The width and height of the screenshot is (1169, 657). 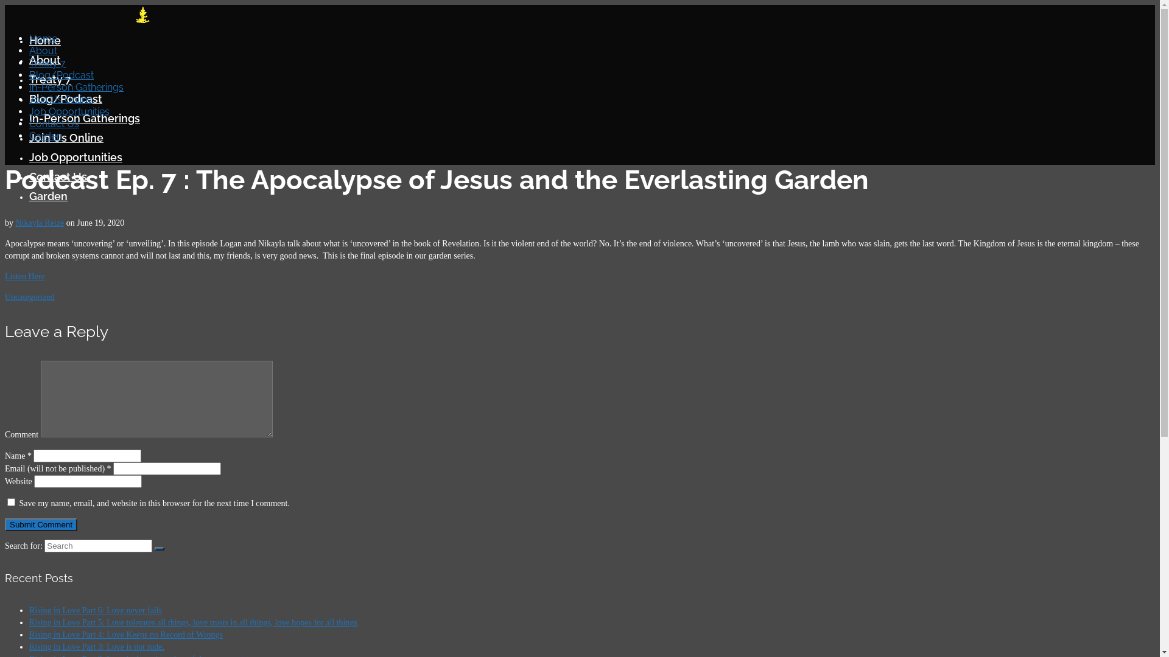 What do you see at coordinates (66, 137) in the screenshot?
I see `'Join Us Online'` at bounding box center [66, 137].